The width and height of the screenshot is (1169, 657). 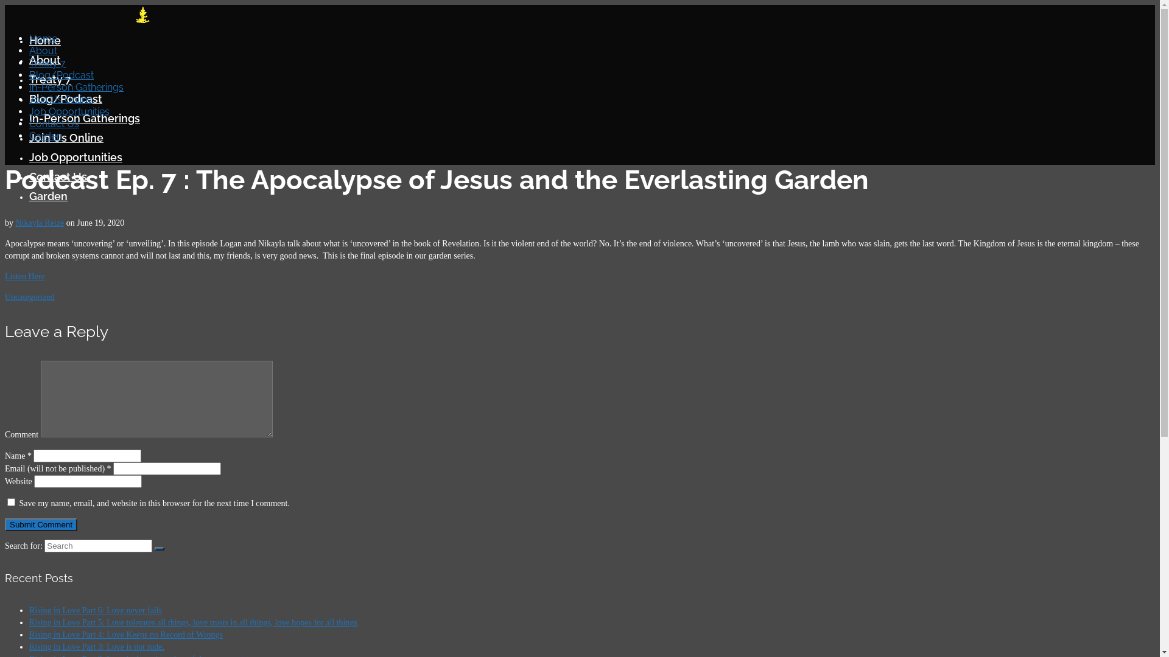 What do you see at coordinates (66, 137) in the screenshot?
I see `'Join Us Online'` at bounding box center [66, 137].